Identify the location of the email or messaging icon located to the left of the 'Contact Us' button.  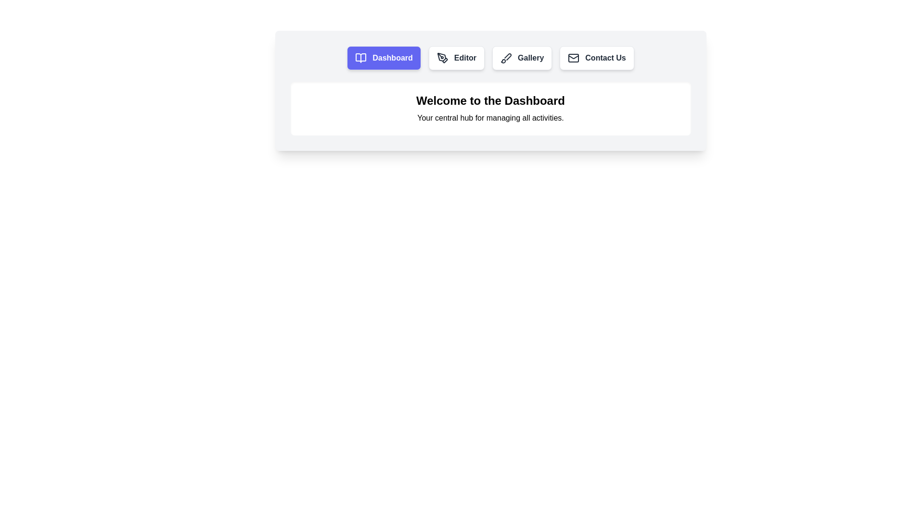
(574, 58).